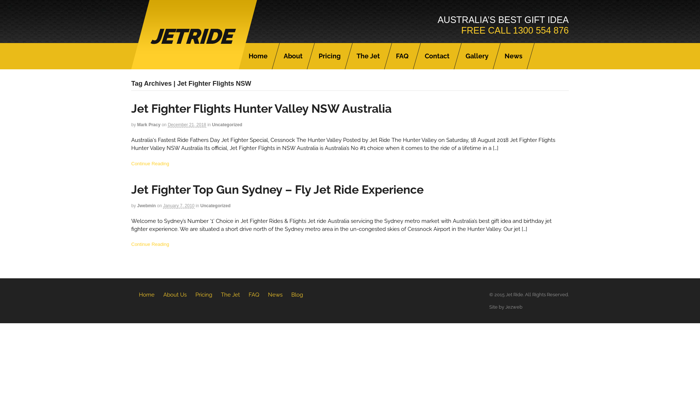  Describe the element at coordinates (215, 205) in the screenshot. I see `'Uncategorized'` at that location.